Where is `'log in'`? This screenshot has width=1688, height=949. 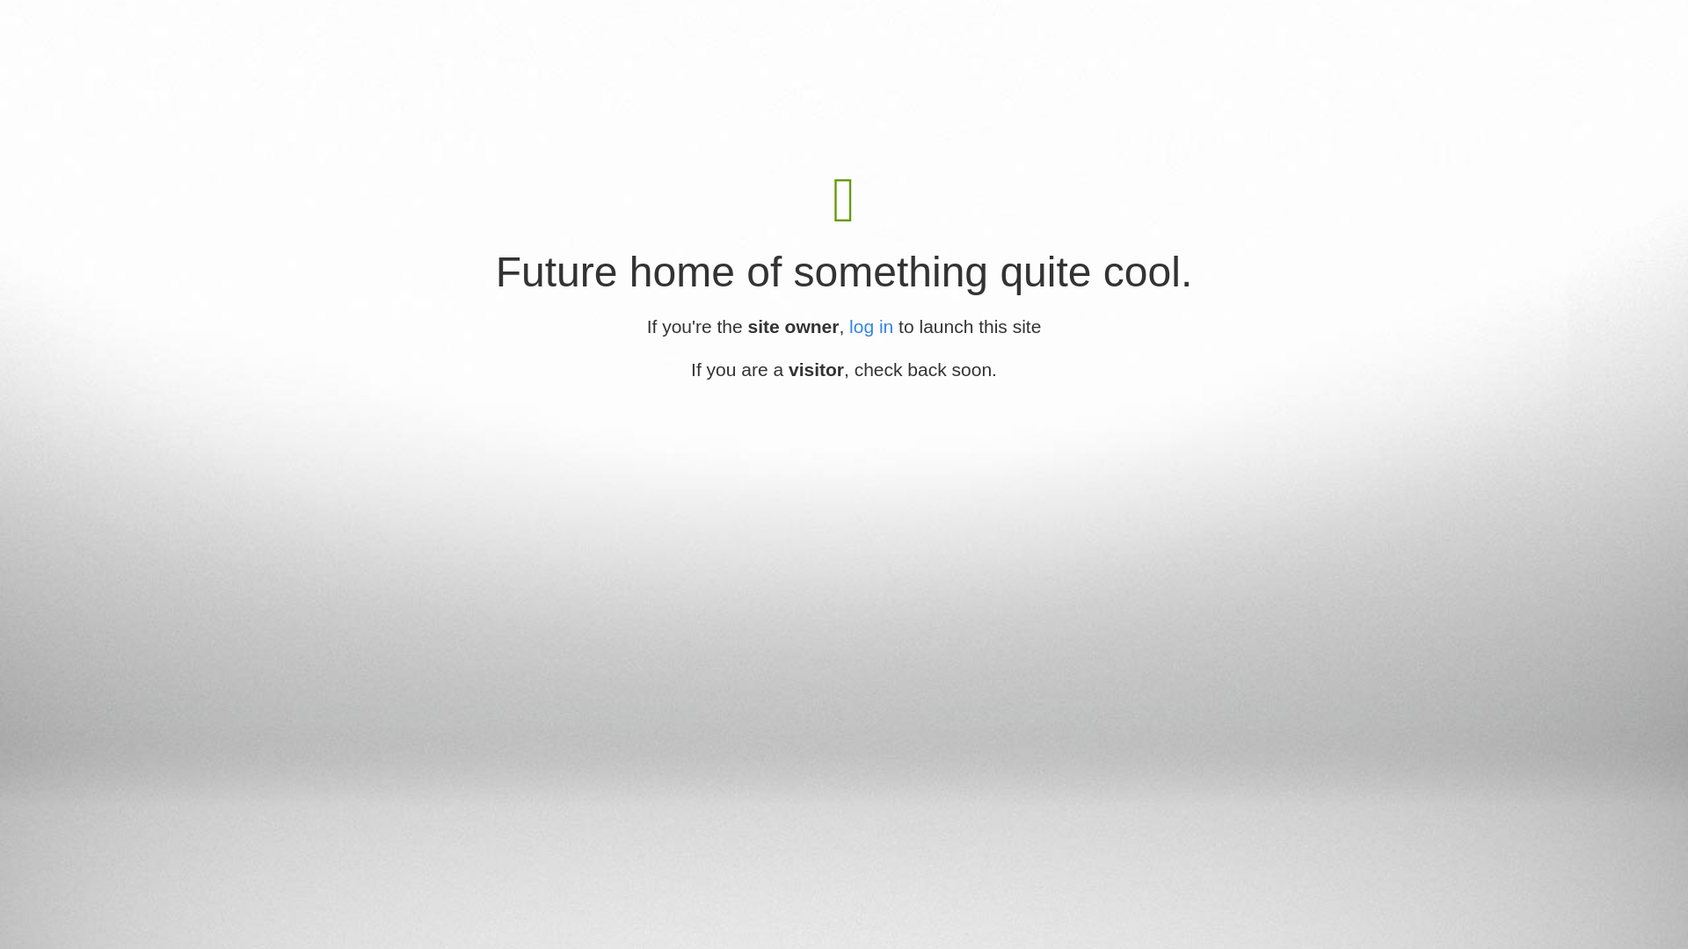
'log in' is located at coordinates (848, 326).